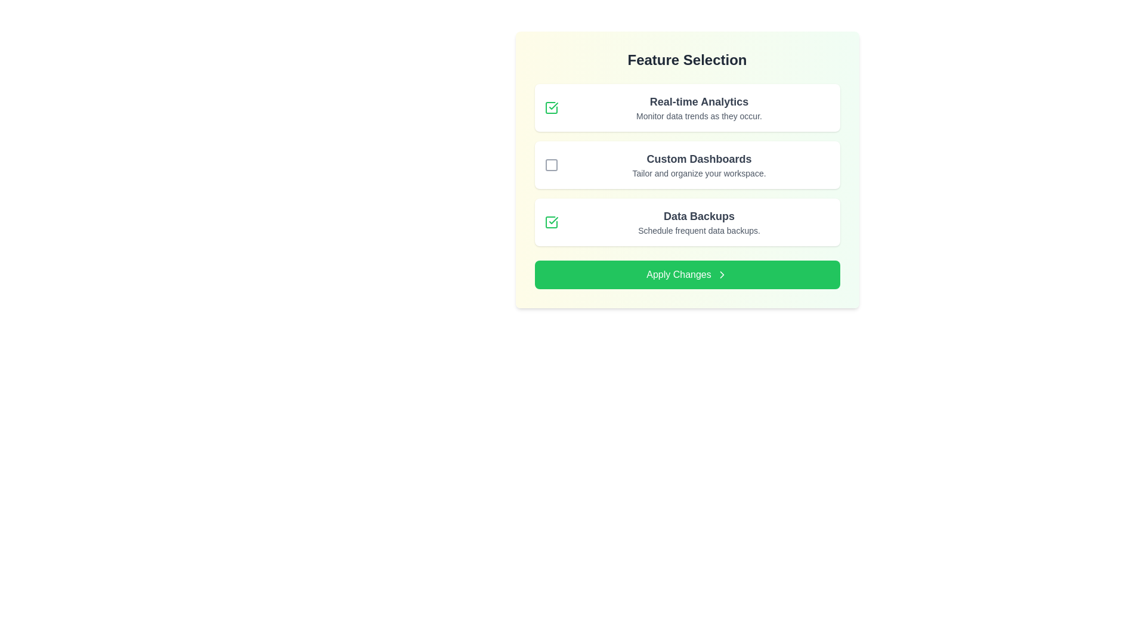 The width and height of the screenshot is (1145, 644). What do you see at coordinates (721, 275) in the screenshot?
I see `the right-facing chevron icon inside the green 'Apply Changes' button` at bounding box center [721, 275].